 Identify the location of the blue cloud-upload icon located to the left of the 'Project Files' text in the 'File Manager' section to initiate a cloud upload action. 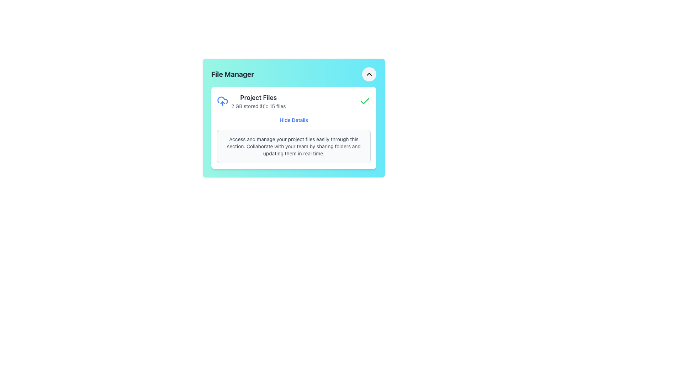
(222, 101).